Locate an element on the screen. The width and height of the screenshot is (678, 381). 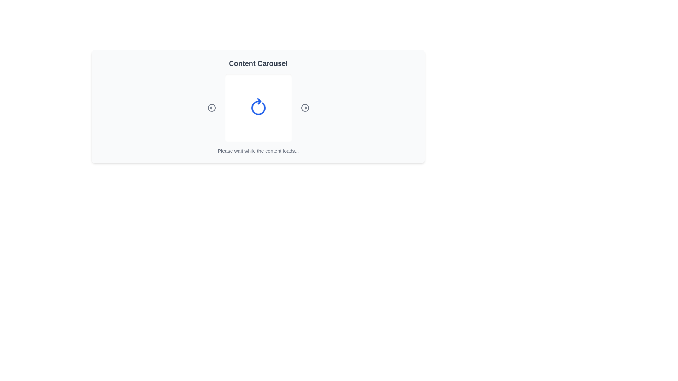
the animation of the Loading Spinner Indicator located in the center of the carousel display area is located at coordinates (258, 108).